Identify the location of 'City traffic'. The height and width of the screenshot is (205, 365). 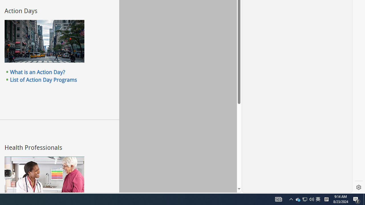
(44, 41).